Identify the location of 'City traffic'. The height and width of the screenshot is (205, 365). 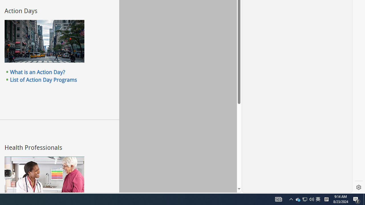
(44, 41).